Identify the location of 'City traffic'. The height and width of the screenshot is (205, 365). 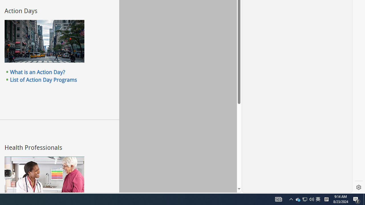
(44, 41).